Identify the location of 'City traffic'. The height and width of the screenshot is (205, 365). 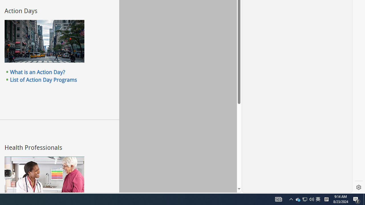
(44, 41).